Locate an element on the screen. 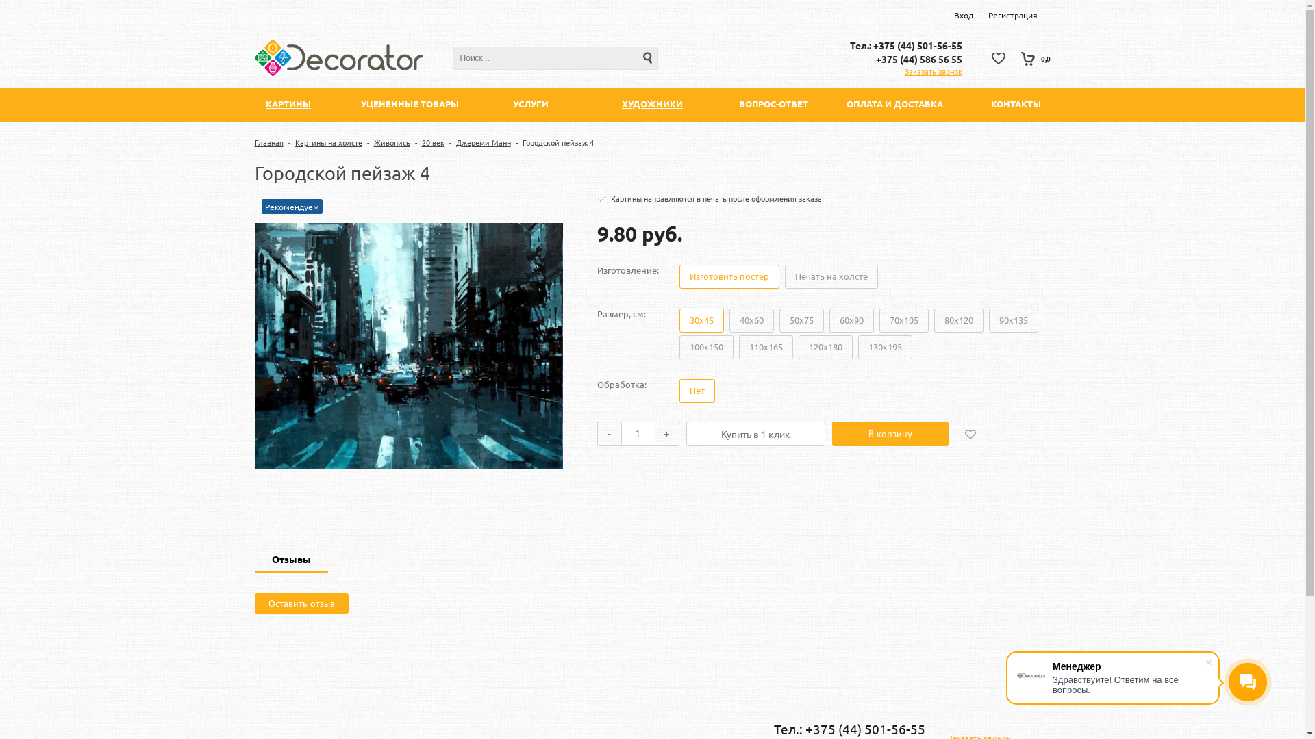  '100x150' is located at coordinates (706, 346).